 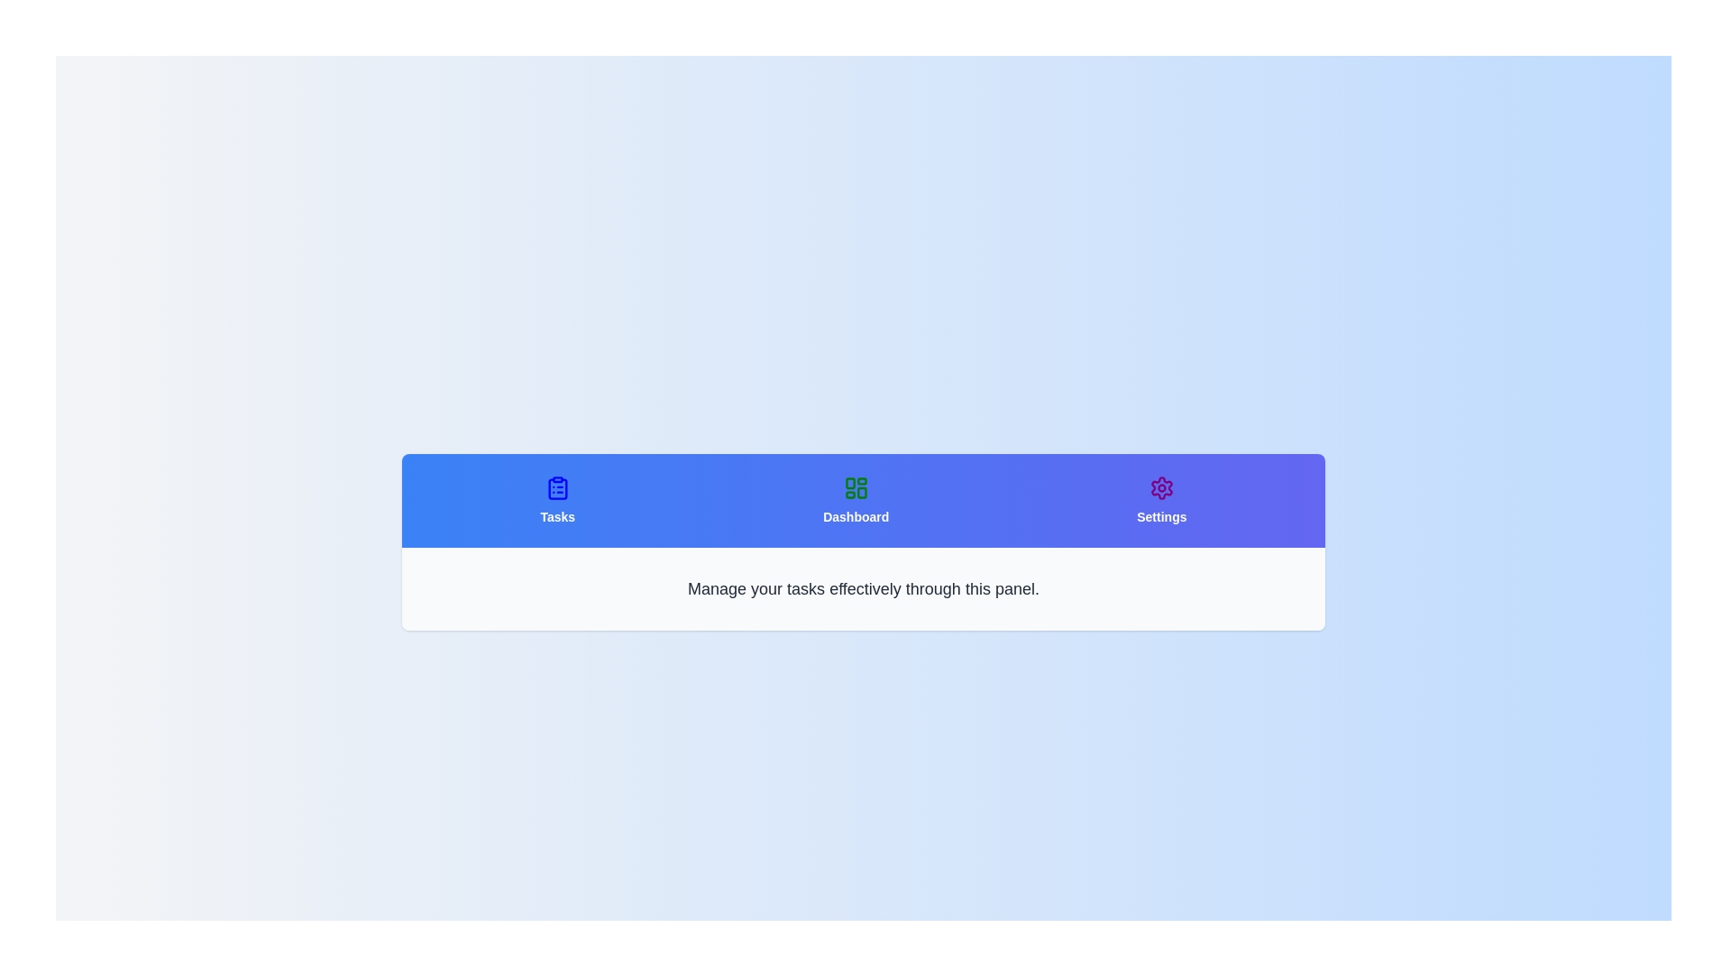 What do you see at coordinates (556, 500) in the screenshot?
I see `the Tasks tab by clicking on its button` at bounding box center [556, 500].